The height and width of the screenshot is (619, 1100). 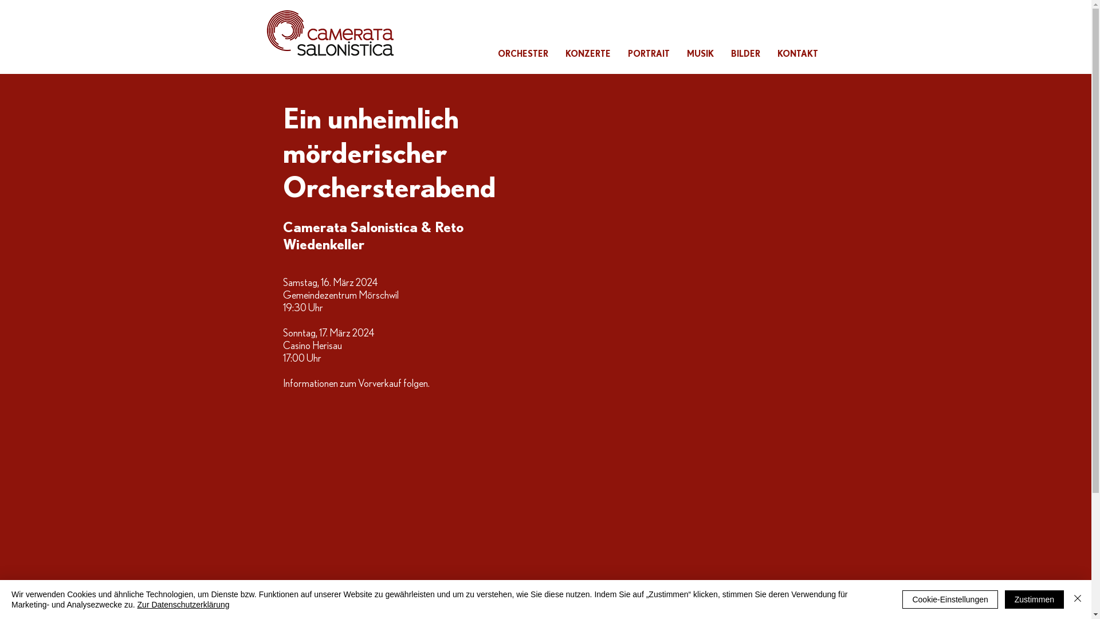 I want to click on 'KONTAKT', so click(x=797, y=54).